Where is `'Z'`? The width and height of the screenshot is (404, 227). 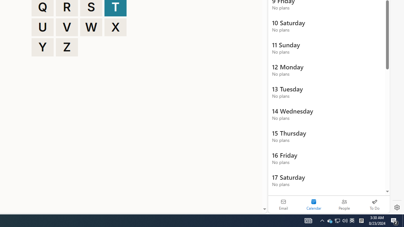
'Z' is located at coordinates (67, 47).